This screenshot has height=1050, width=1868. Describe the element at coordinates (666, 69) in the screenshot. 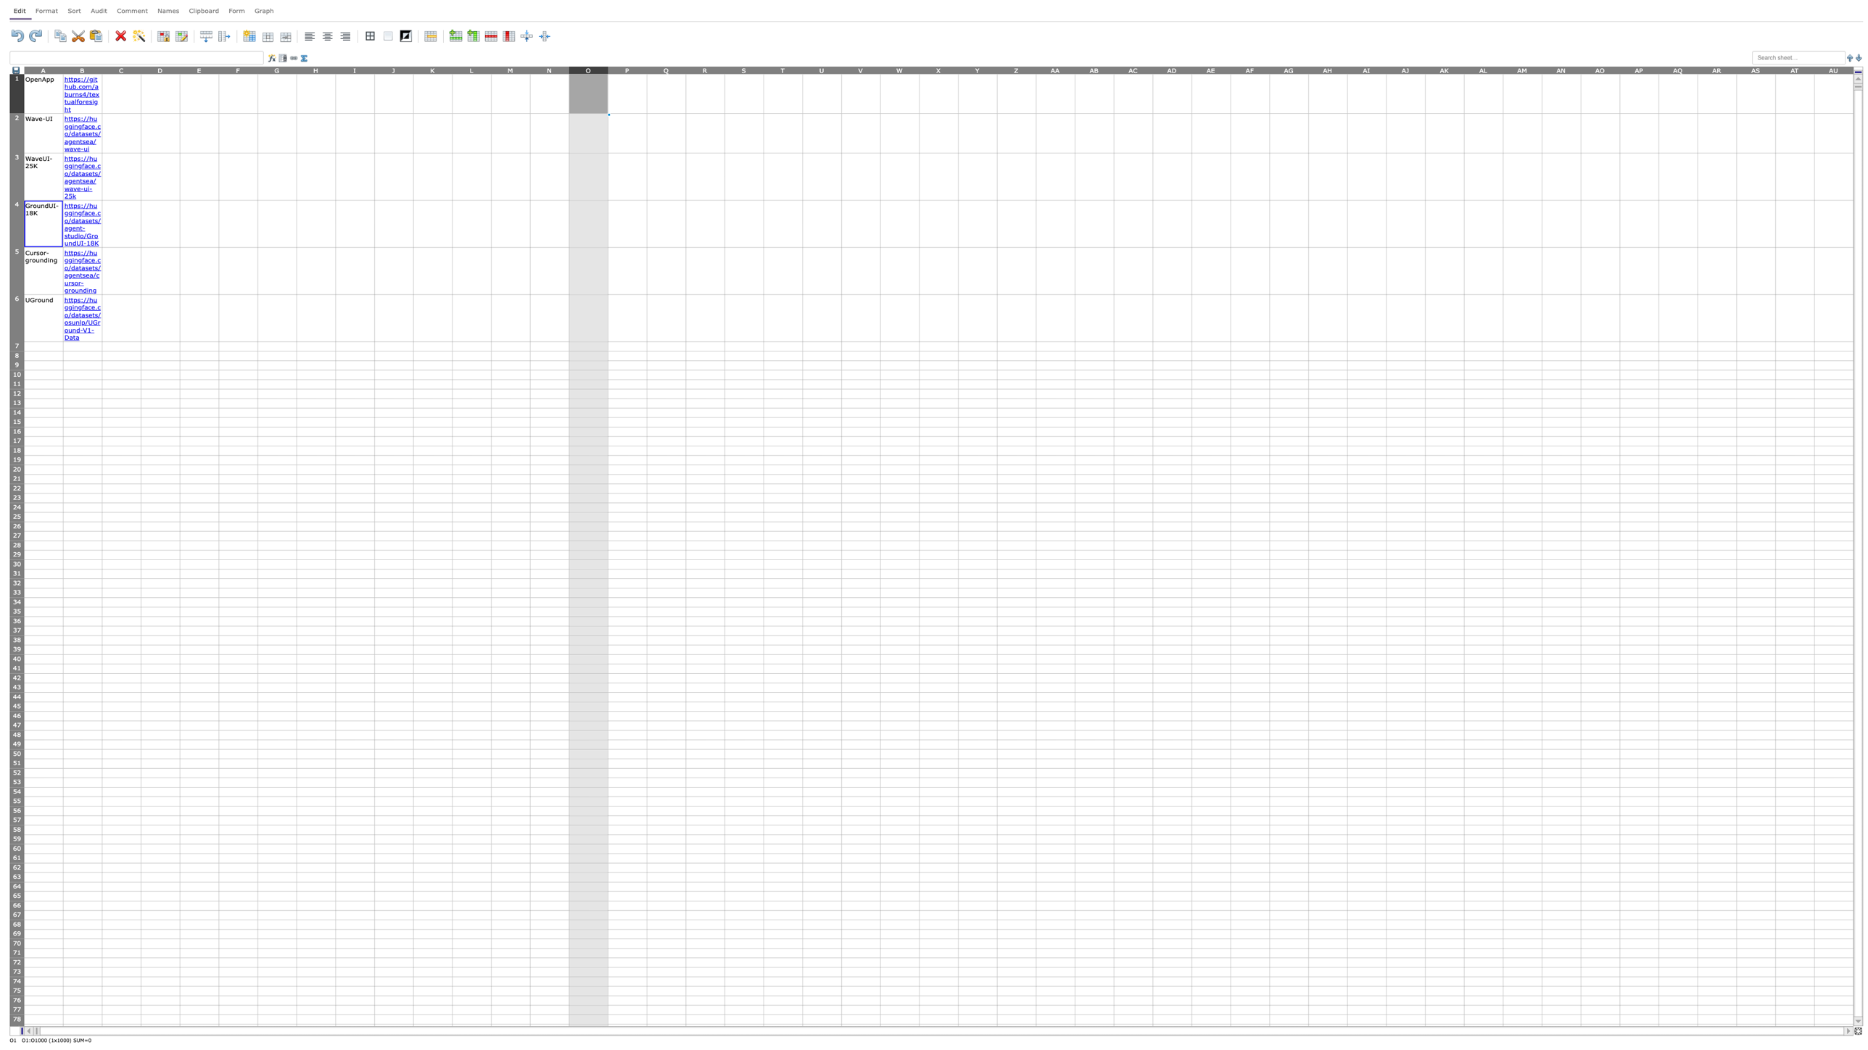

I see `column header Q` at that location.